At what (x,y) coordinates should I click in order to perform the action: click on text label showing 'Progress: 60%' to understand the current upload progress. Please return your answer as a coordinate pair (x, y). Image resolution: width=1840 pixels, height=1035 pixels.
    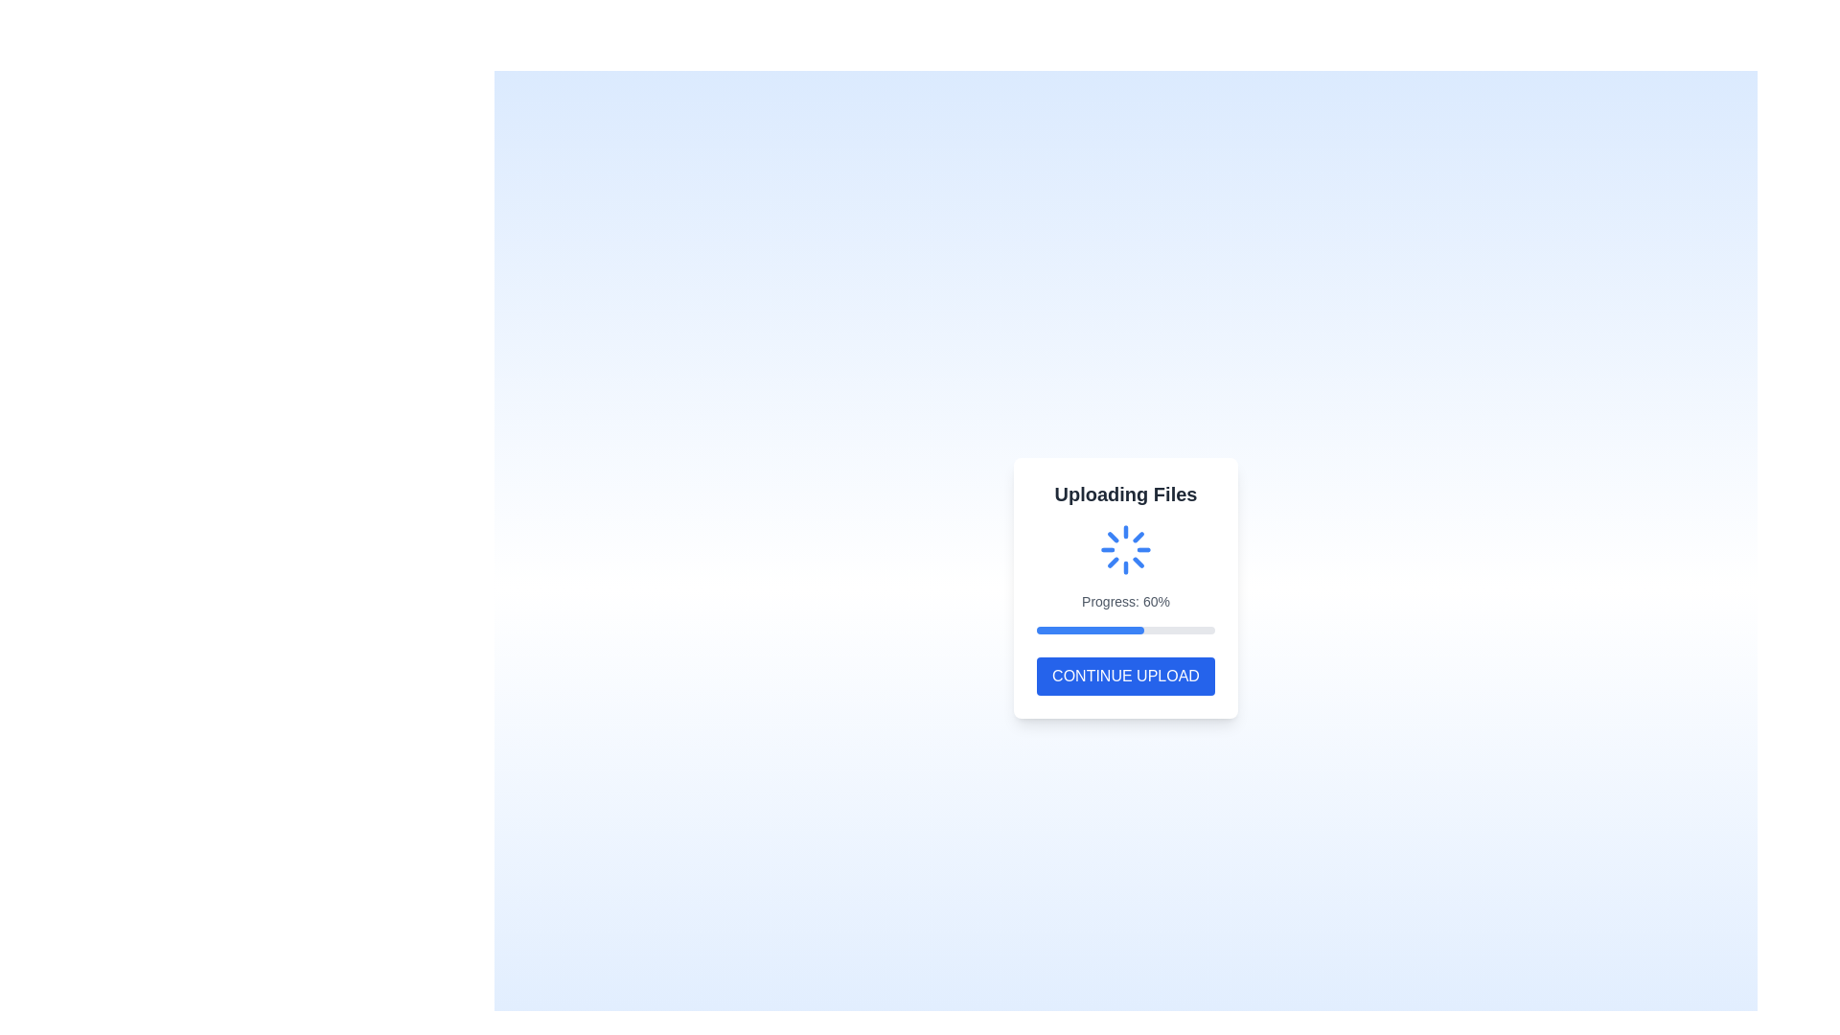
    Looking at the image, I should click on (1126, 601).